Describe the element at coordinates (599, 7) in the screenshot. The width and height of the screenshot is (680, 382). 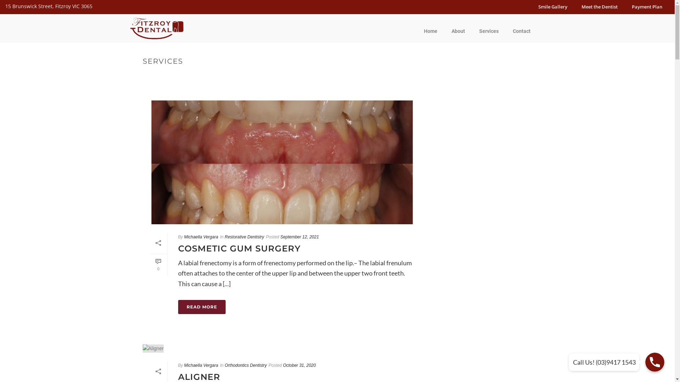
I see `'Meet the Dentist'` at that location.